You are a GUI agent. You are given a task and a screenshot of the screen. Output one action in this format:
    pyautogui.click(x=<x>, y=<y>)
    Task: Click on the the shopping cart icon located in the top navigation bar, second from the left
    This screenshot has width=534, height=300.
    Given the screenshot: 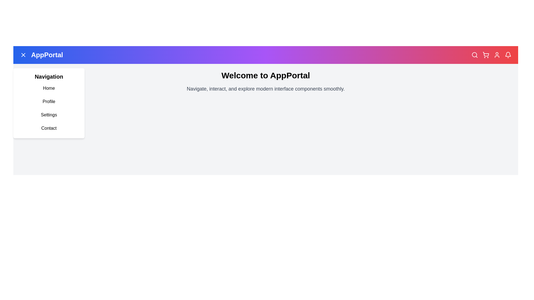 What is the action you would take?
    pyautogui.click(x=486, y=54)
    